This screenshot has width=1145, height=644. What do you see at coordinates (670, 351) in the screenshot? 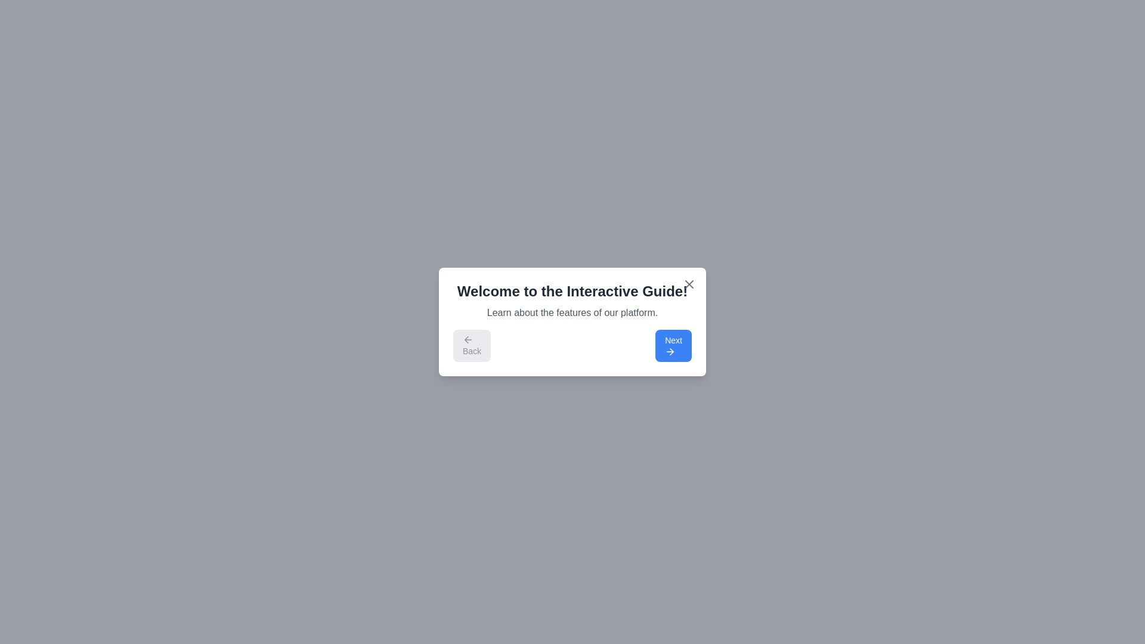
I see `the right-pointing arrow icon, which is part of the 'Next' button located in the bottom-right corner of a modal dialog` at bounding box center [670, 351].